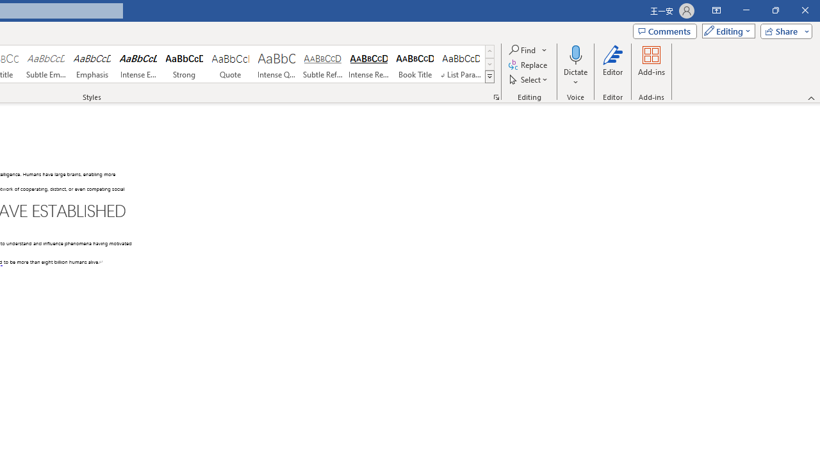 The image size is (820, 461). Describe the element at coordinates (612, 66) in the screenshot. I see `'Editor'` at that location.